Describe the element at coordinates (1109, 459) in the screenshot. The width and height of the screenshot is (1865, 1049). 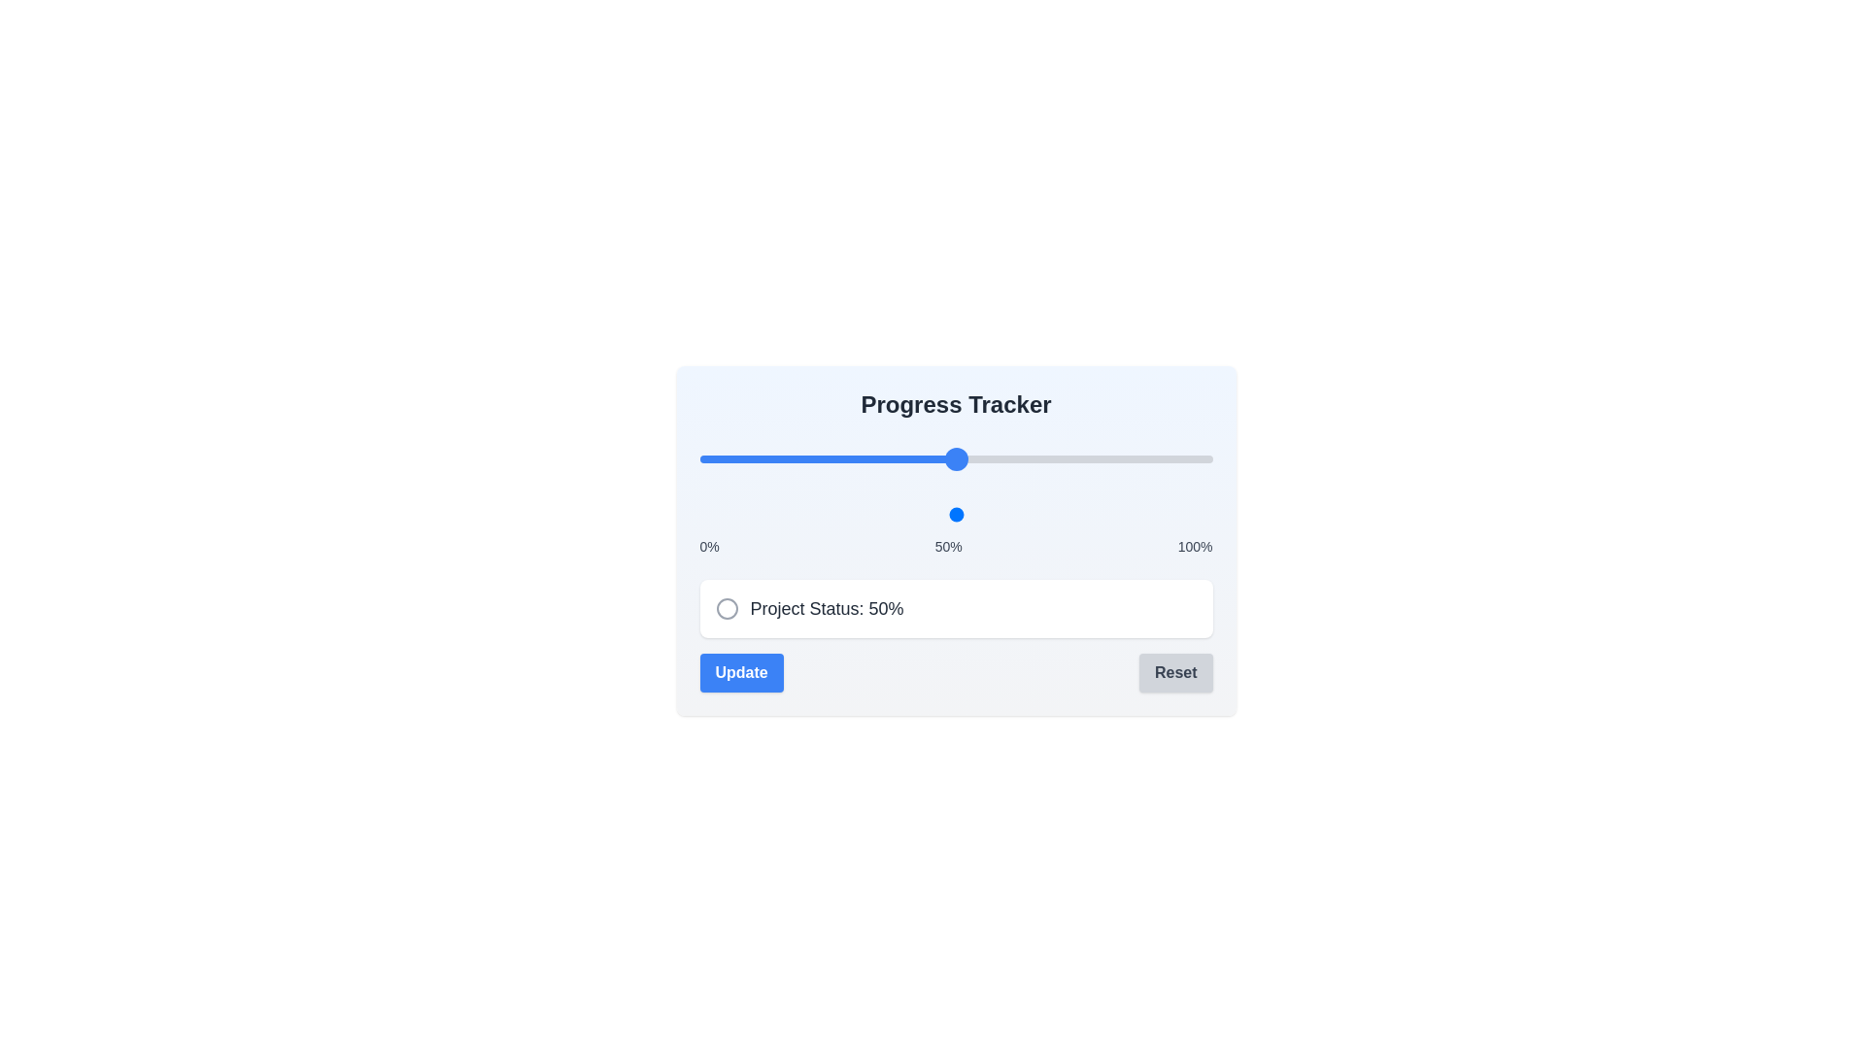
I see `the progress slider to set the progress to 80%` at that location.